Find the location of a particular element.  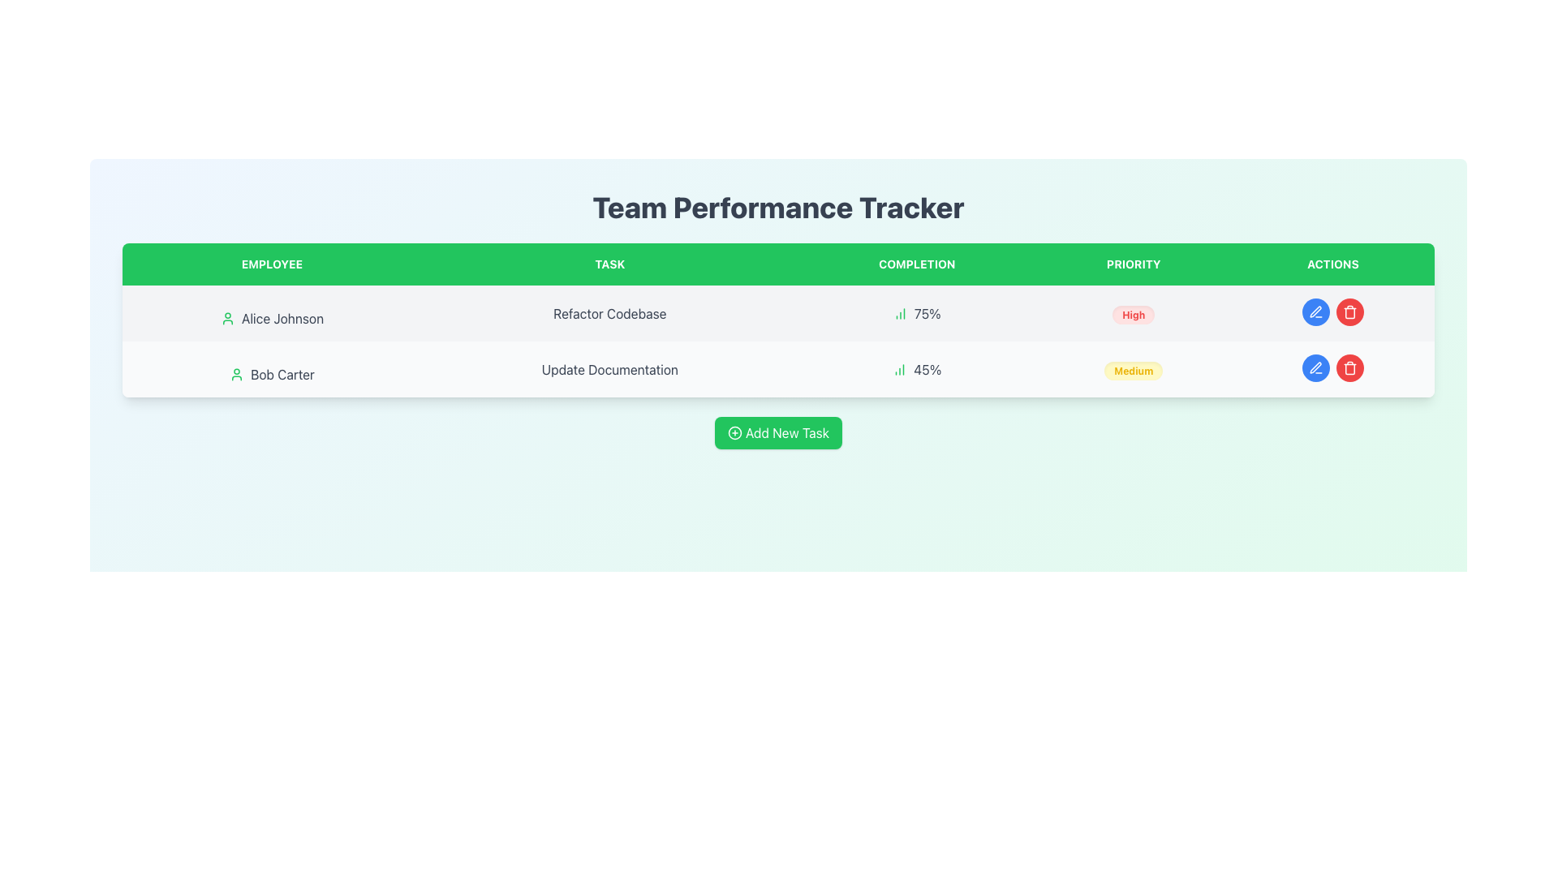

the header label for the 'Task' column in the table, which is positioned between the 'Employee' and 'Completion' sections is located at coordinates (609, 264).